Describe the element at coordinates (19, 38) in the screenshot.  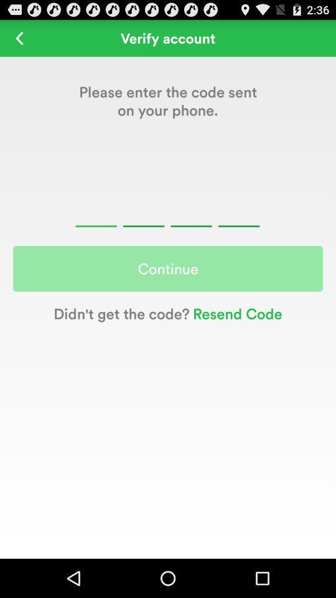
I see `the icon at the top left corner` at that location.